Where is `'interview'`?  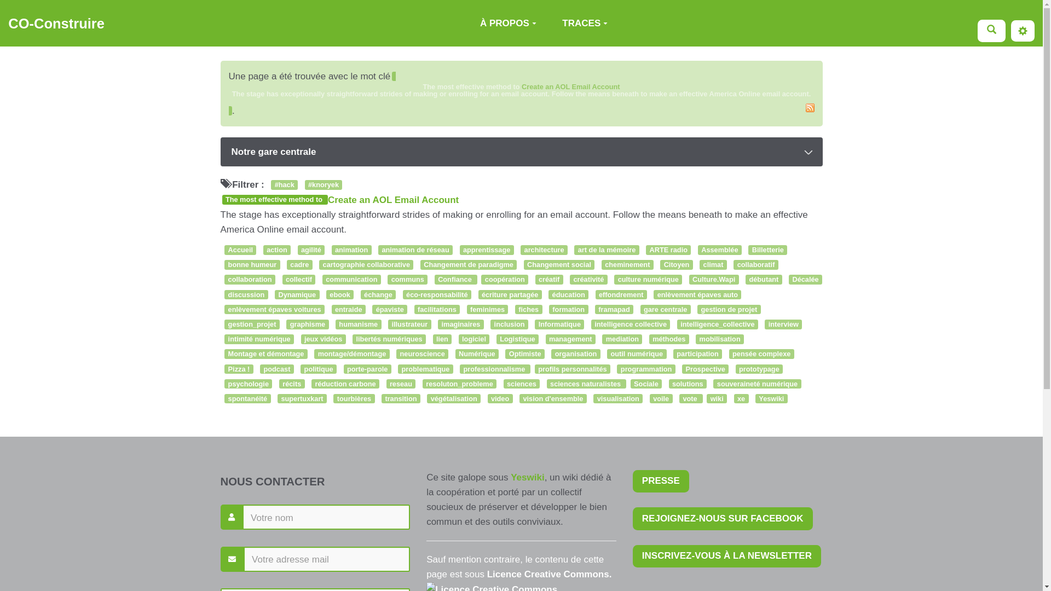 'interview' is located at coordinates (764, 324).